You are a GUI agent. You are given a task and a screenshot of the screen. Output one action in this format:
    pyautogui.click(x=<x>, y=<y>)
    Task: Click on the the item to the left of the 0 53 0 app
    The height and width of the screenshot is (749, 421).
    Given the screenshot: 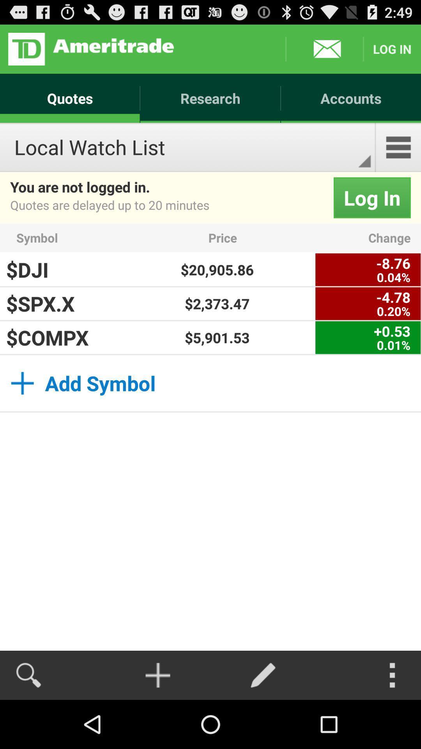 What is the action you would take?
    pyautogui.click(x=217, y=337)
    